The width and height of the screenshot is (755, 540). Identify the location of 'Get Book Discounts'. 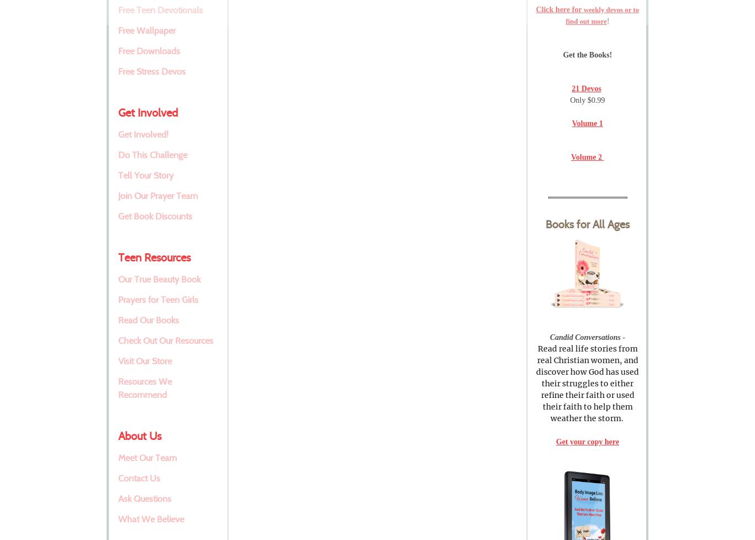
(155, 216).